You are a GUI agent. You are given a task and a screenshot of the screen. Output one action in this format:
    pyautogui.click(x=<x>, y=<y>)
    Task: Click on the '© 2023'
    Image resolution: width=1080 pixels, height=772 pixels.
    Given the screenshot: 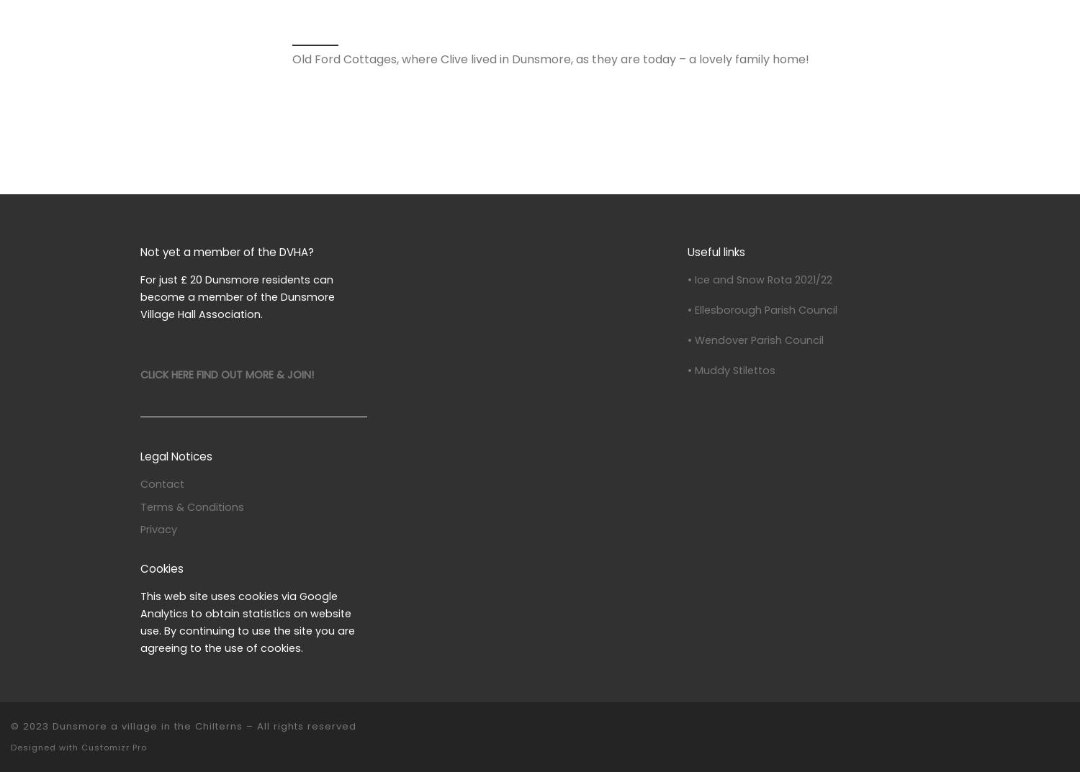 What is the action you would take?
    pyautogui.click(x=30, y=725)
    